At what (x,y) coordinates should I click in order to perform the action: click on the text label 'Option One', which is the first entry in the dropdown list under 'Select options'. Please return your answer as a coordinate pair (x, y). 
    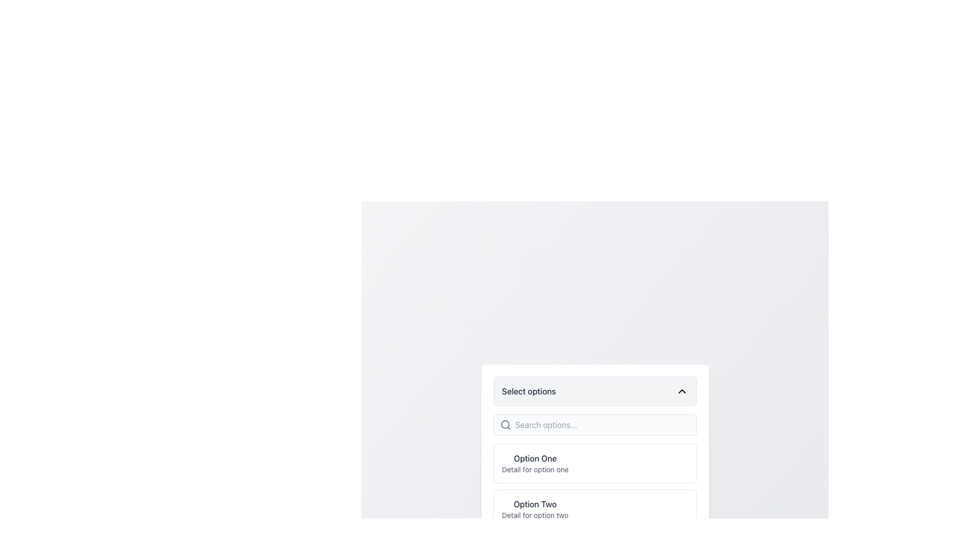
    Looking at the image, I should click on (535, 459).